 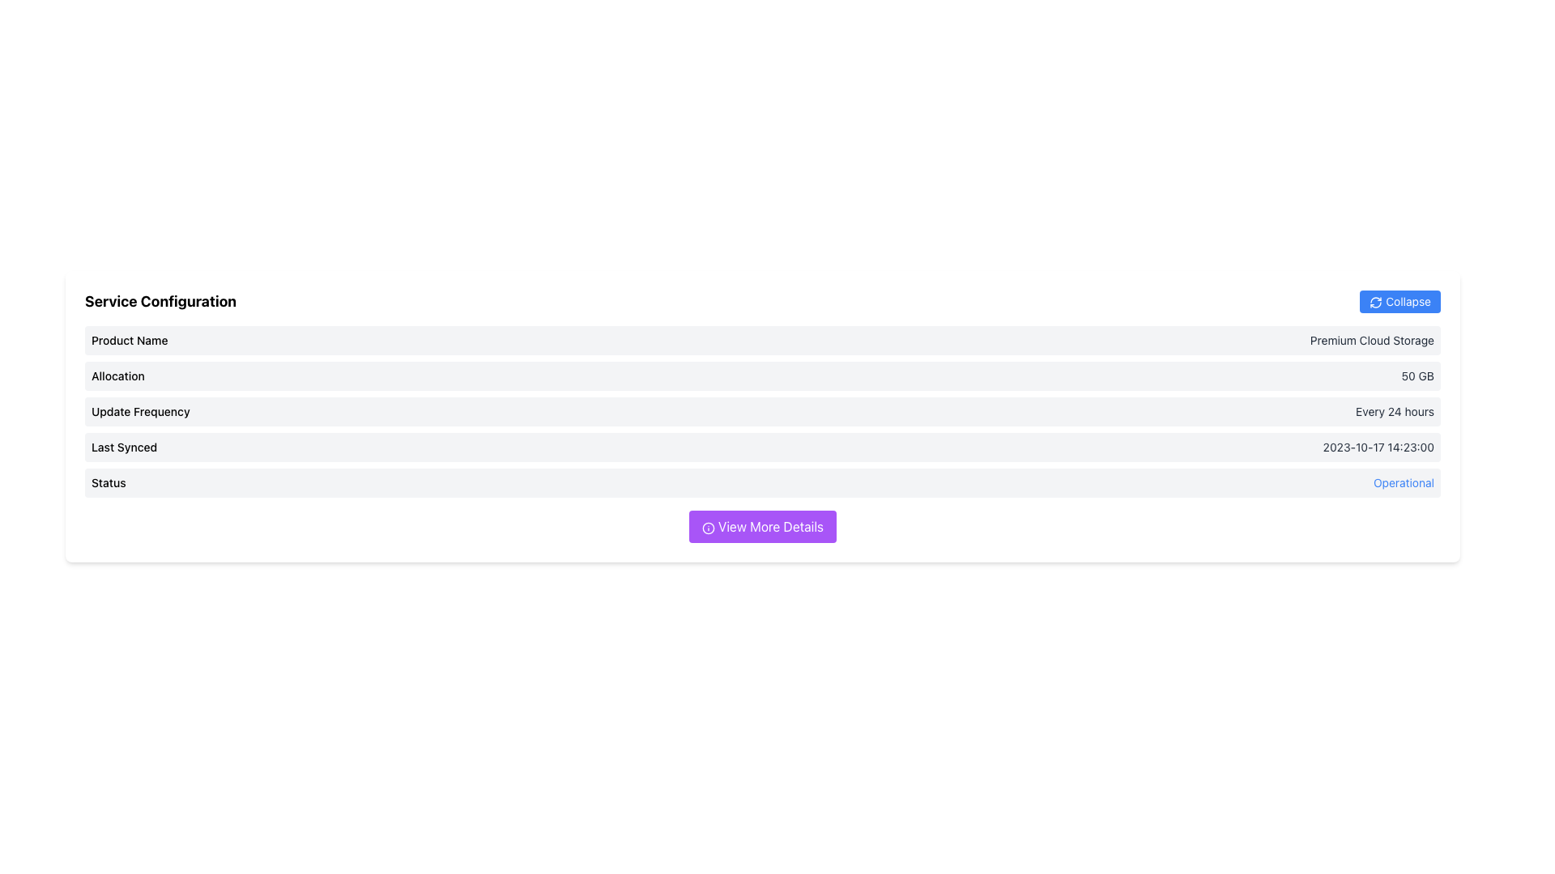 What do you see at coordinates (1399, 302) in the screenshot?
I see `the button located at the top-right corner of the 'Service Configuration' section, which toggles the visibility of the content when clicked` at bounding box center [1399, 302].